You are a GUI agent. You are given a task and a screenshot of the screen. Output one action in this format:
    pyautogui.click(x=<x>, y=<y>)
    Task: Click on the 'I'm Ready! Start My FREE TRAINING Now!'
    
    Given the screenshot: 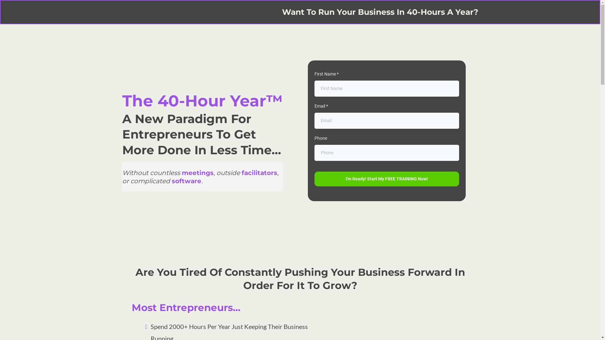 What is the action you would take?
    pyautogui.click(x=386, y=179)
    